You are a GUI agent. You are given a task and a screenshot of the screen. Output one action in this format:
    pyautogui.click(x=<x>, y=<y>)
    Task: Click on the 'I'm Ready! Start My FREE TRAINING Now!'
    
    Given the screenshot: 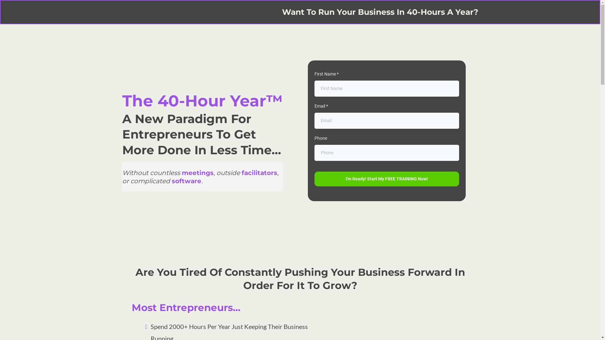 What is the action you would take?
    pyautogui.click(x=386, y=179)
    